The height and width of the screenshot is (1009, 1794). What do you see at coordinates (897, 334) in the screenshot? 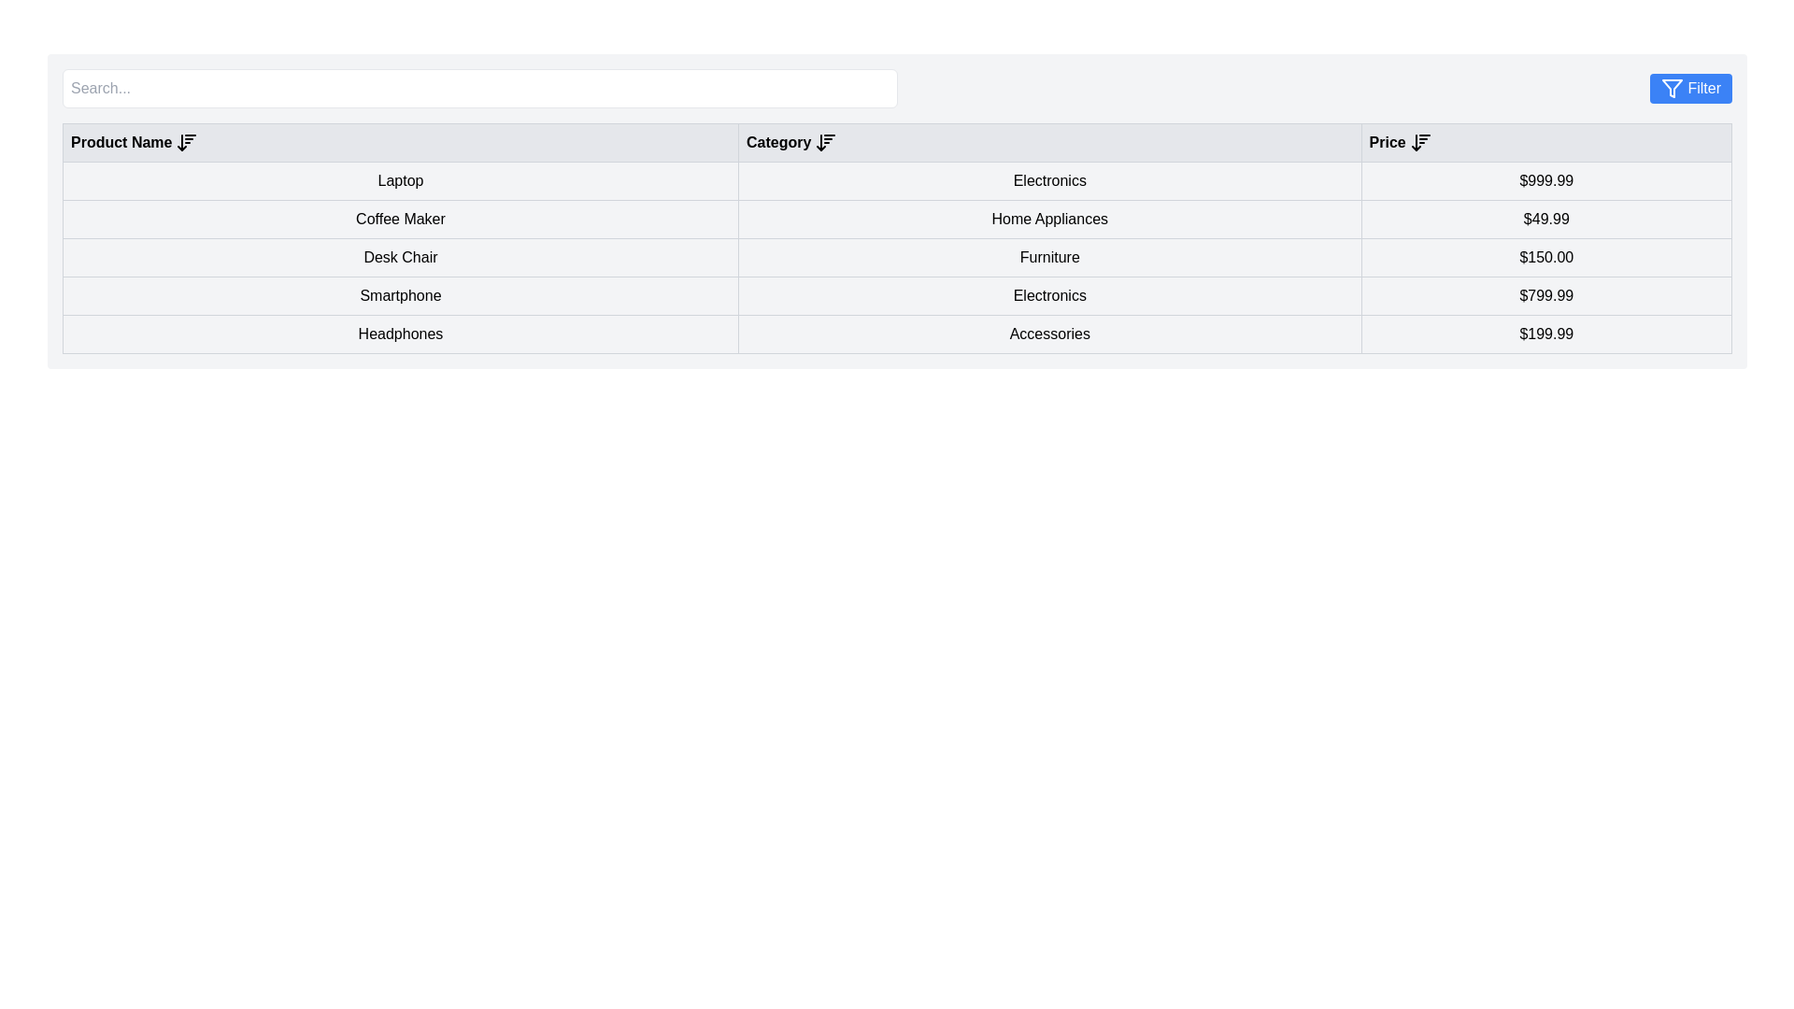
I see `the last row entry` at bounding box center [897, 334].